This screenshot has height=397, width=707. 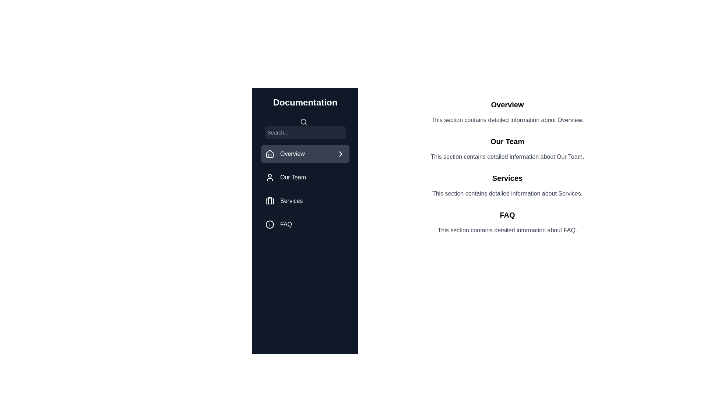 What do you see at coordinates (292, 154) in the screenshot?
I see `the static text label that serves as a navigational button leading to the 'Overview' section, located in the top-left sidebar menu beneath the 'Documentation' title` at bounding box center [292, 154].